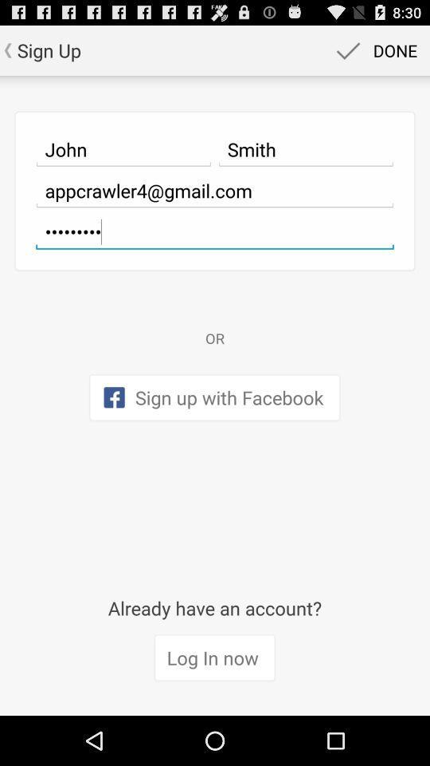 This screenshot has height=766, width=430. What do you see at coordinates (215, 231) in the screenshot?
I see `icon above or` at bounding box center [215, 231].